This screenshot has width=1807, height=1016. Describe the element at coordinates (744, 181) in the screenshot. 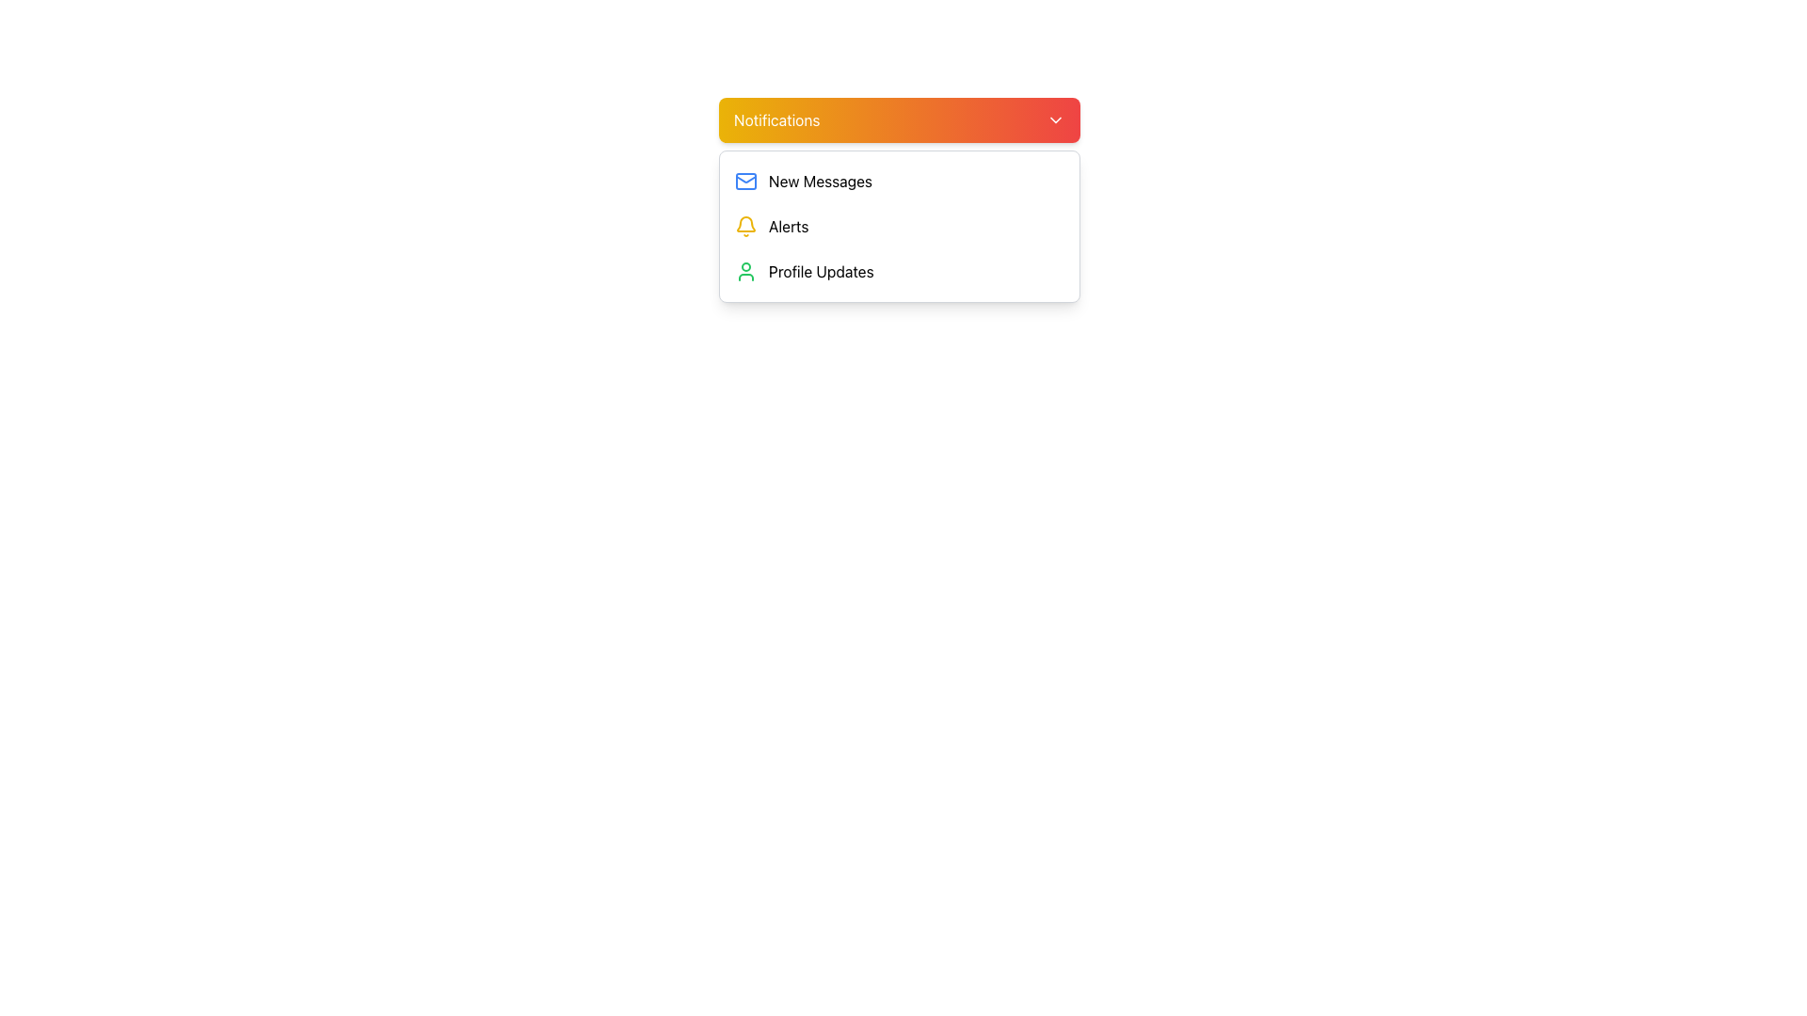

I see `the 'New Messages' icon located in the dropdown menu under 'Notifications', which is the leftmost element preceding the text 'New Messages'` at that location.